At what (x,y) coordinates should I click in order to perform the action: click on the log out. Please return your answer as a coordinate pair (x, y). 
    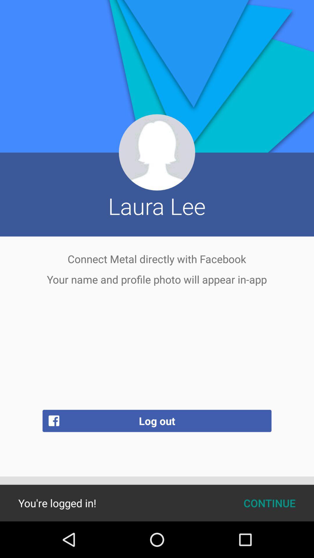
    Looking at the image, I should click on (157, 421).